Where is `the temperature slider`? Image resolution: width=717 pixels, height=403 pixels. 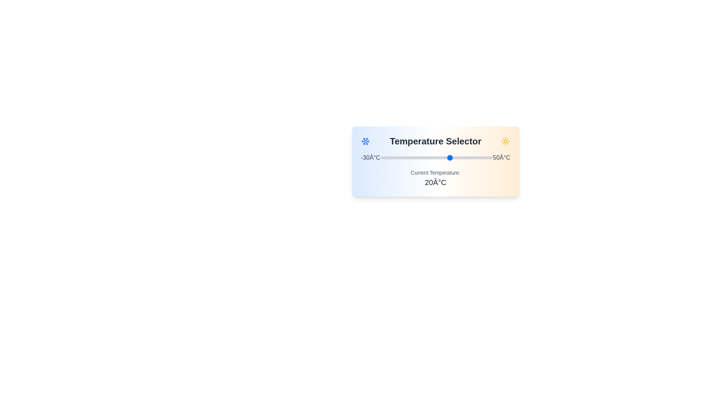 the temperature slider is located at coordinates (388, 157).